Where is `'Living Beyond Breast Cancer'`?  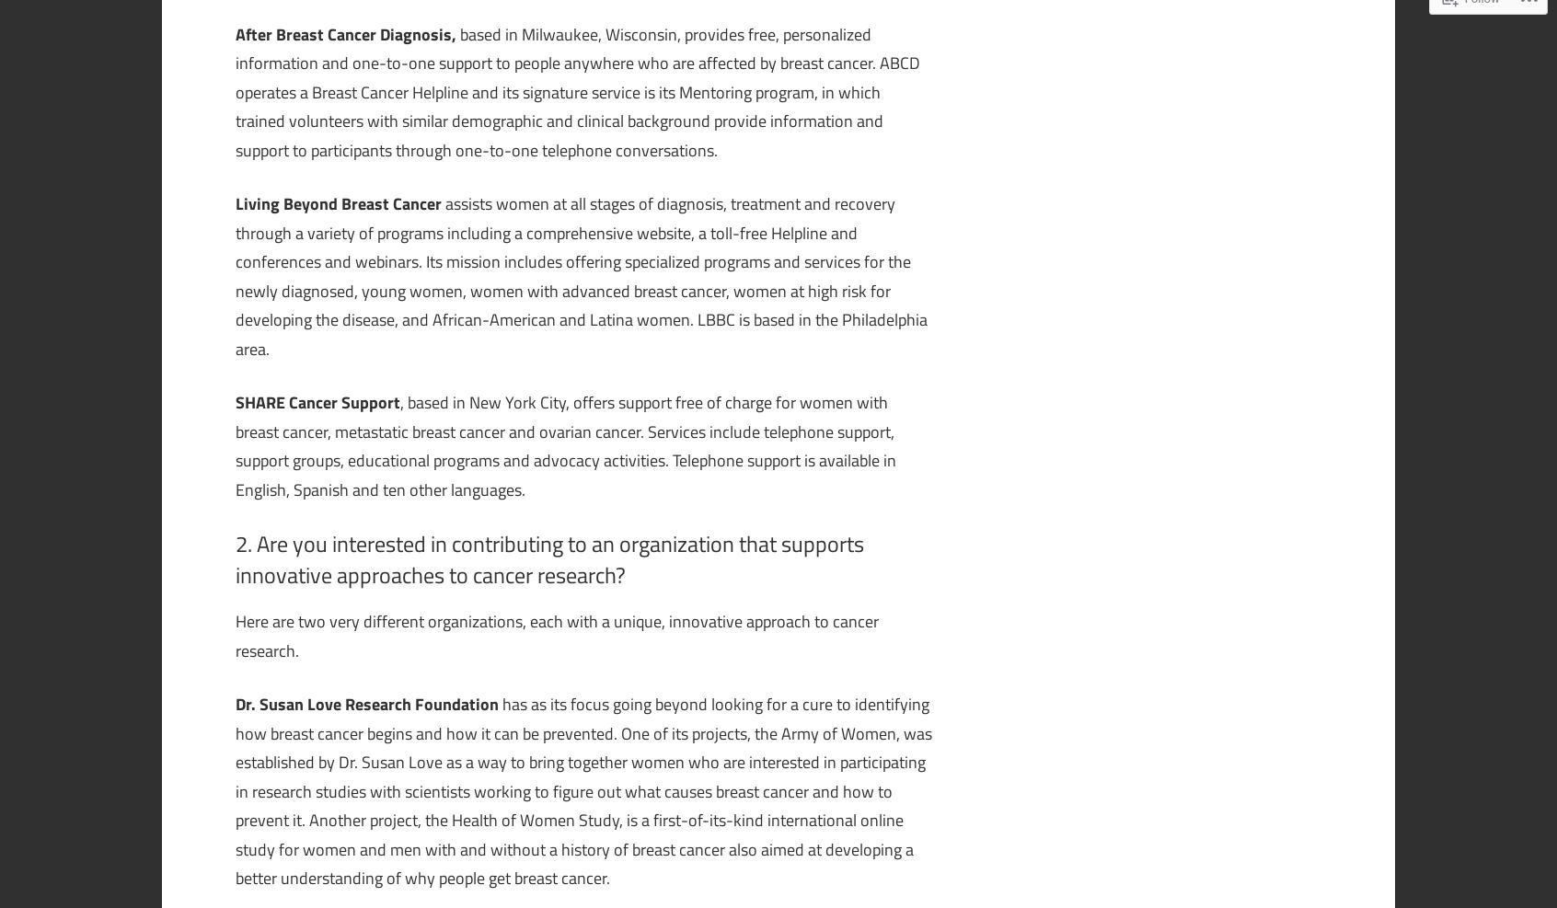 'Living Beyond Breast Cancer' is located at coordinates (340, 203).